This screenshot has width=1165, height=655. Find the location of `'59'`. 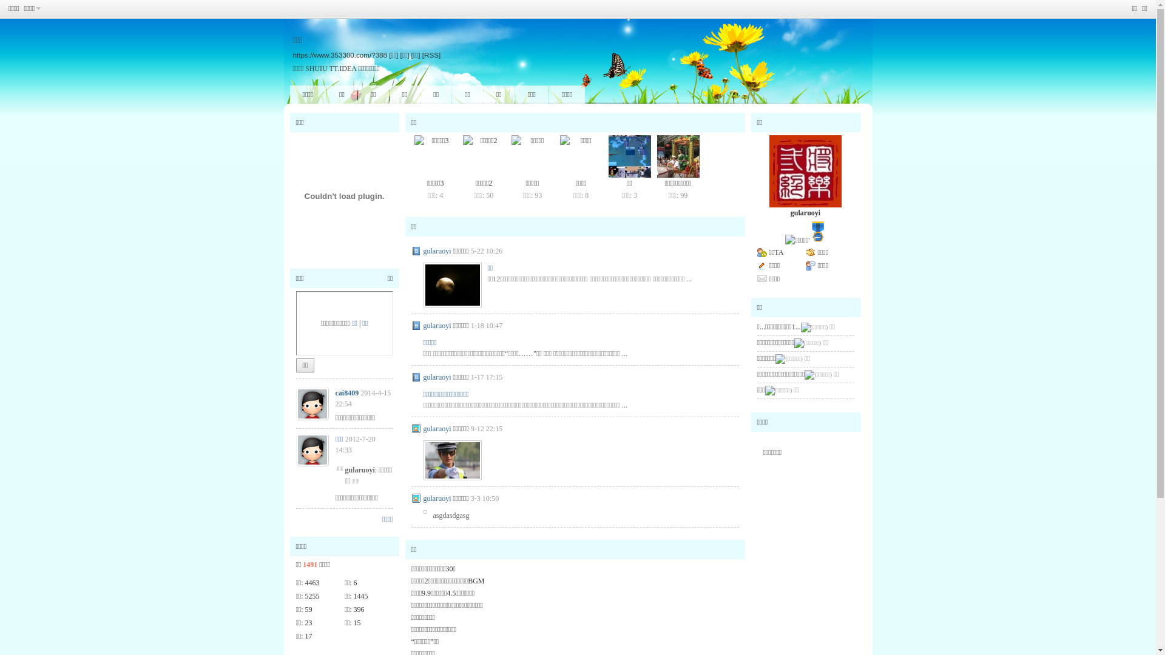

'59' is located at coordinates (308, 610).